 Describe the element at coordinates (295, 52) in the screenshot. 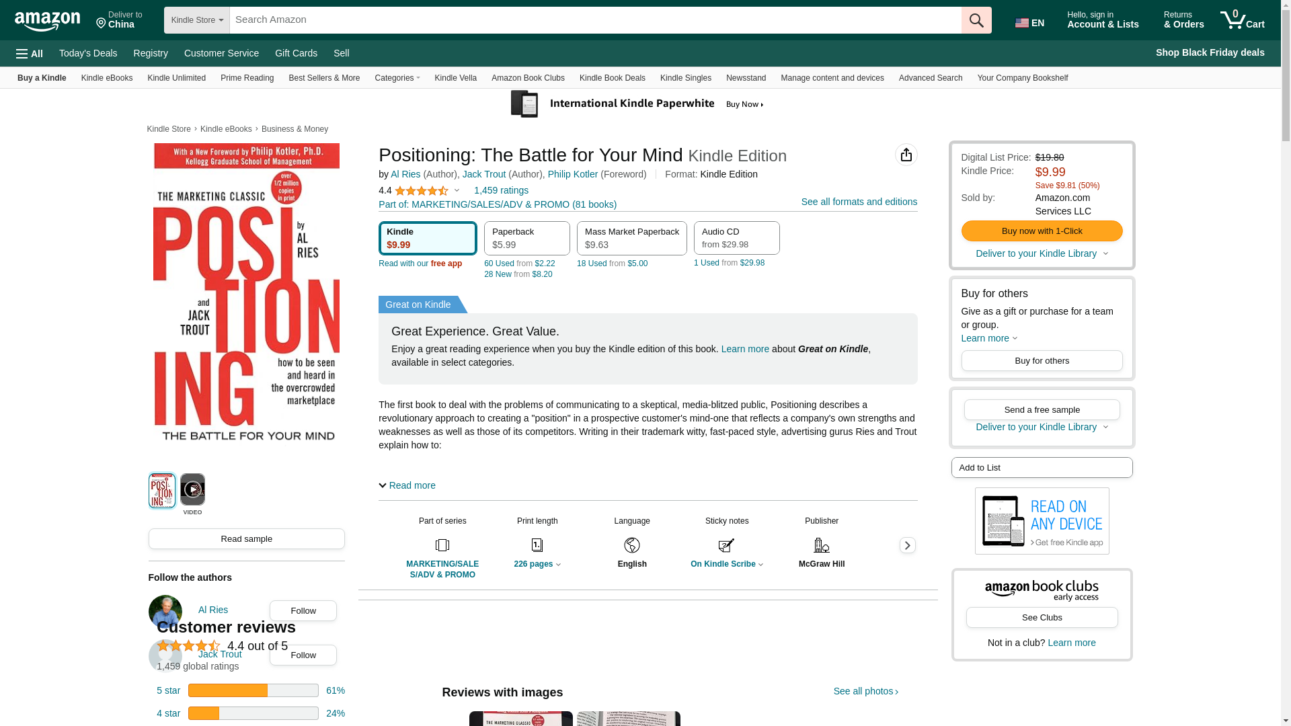

I see `'Gift Cards'` at that location.